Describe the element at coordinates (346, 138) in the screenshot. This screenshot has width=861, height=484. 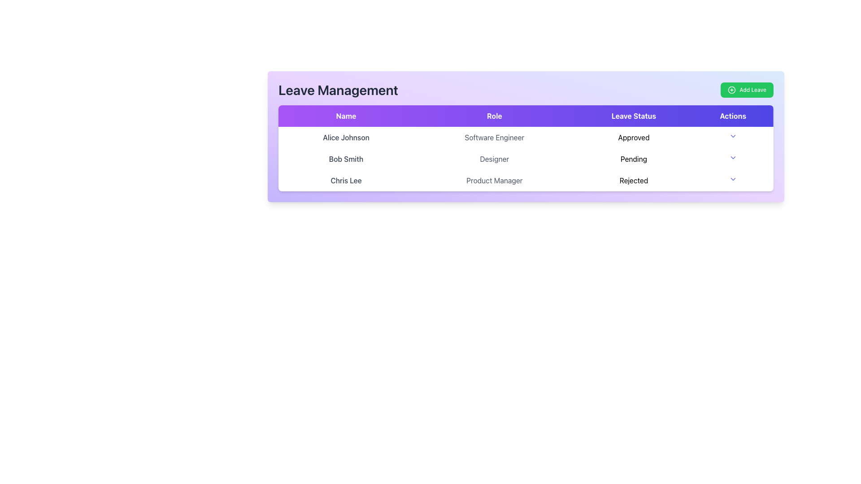
I see `text label indicating the name 'Alice Johnson' located in the first row of a table under the 'Name' column` at that location.